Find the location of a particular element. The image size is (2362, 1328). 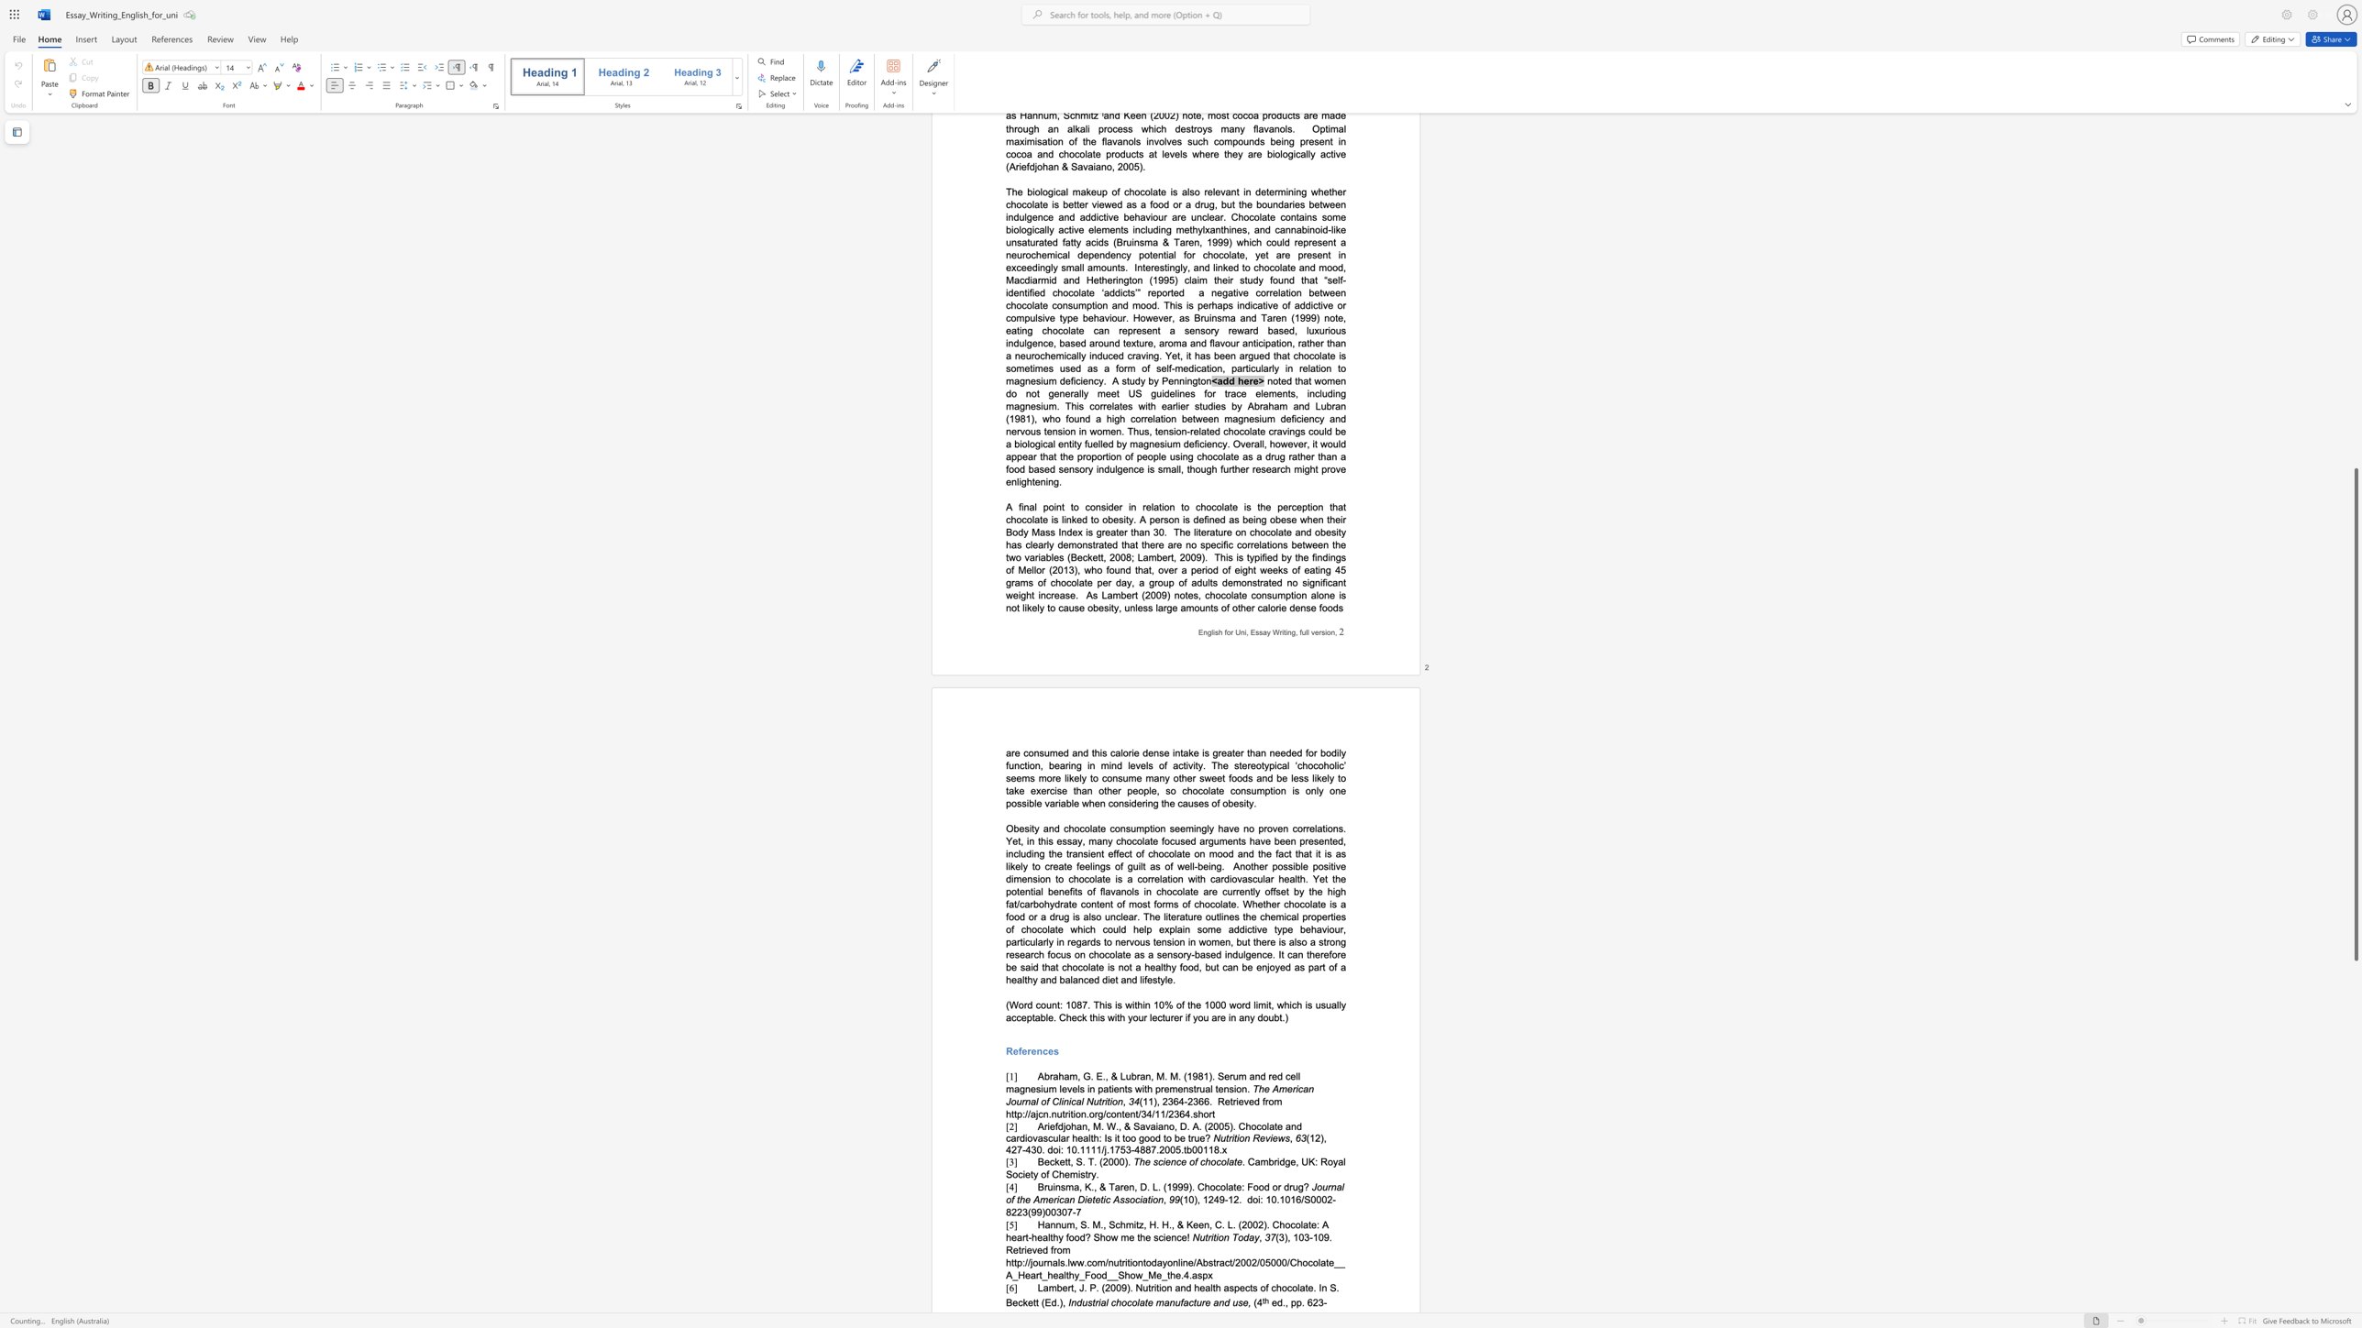

the scrollbar on the right side to scroll the page up is located at coordinates (2355, 221).